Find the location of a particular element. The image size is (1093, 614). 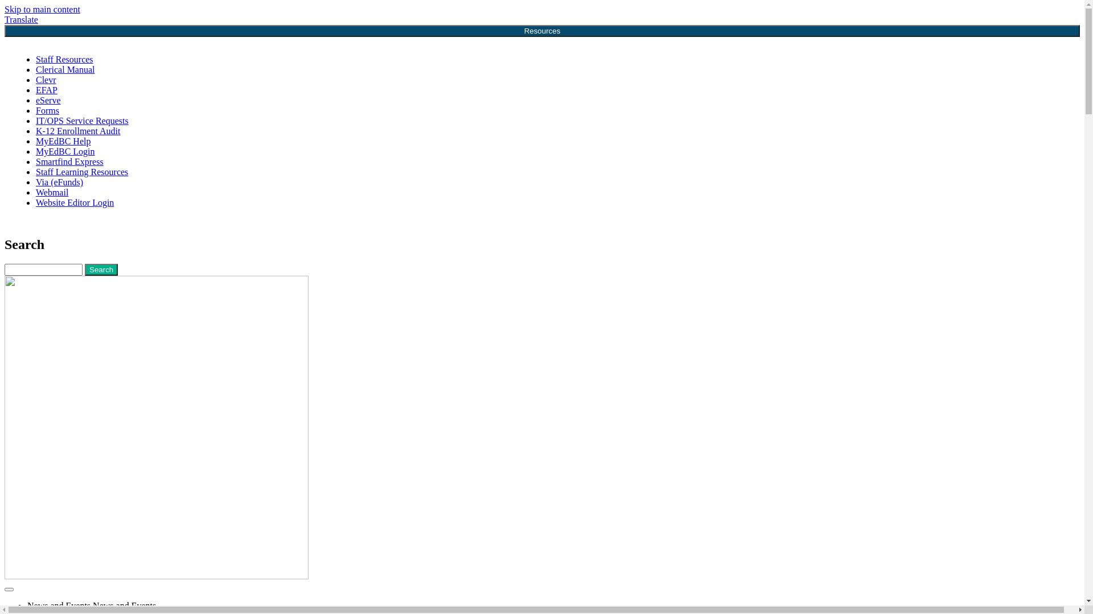

'Skip to main content' is located at coordinates (42, 9).